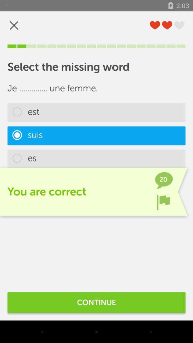 The height and width of the screenshot is (343, 193). I want to click on the continue icon, so click(96, 302).